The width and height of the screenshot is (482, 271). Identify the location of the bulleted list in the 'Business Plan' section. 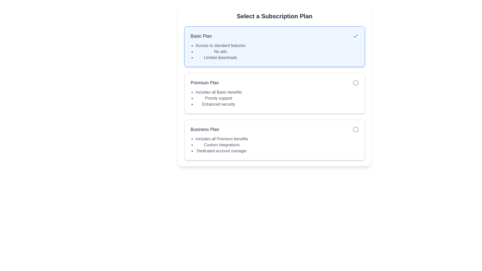
(219, 145).